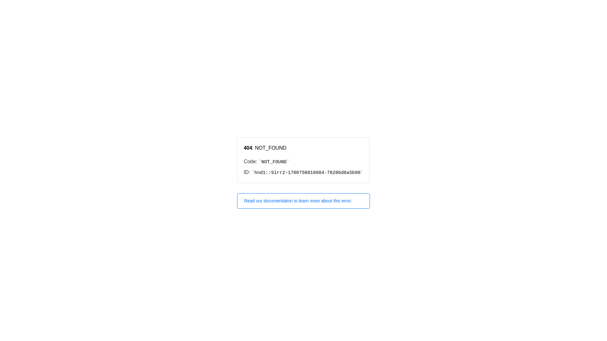 The height and width of the screenshot is (341, 607). What do you see at coordinates (303, 201) in the screenshot?
I see `'Read our documentation to learn more about this error.'` at bounding box center [303, 201].